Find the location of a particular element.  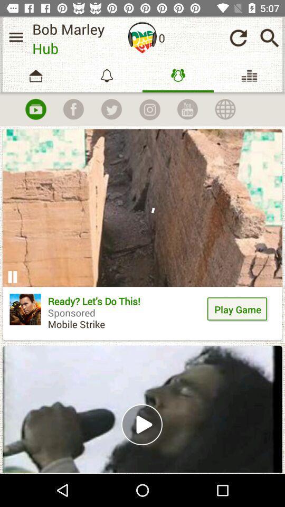

the icon to the right of the ready let s icon is located at coordinates (237, 309).